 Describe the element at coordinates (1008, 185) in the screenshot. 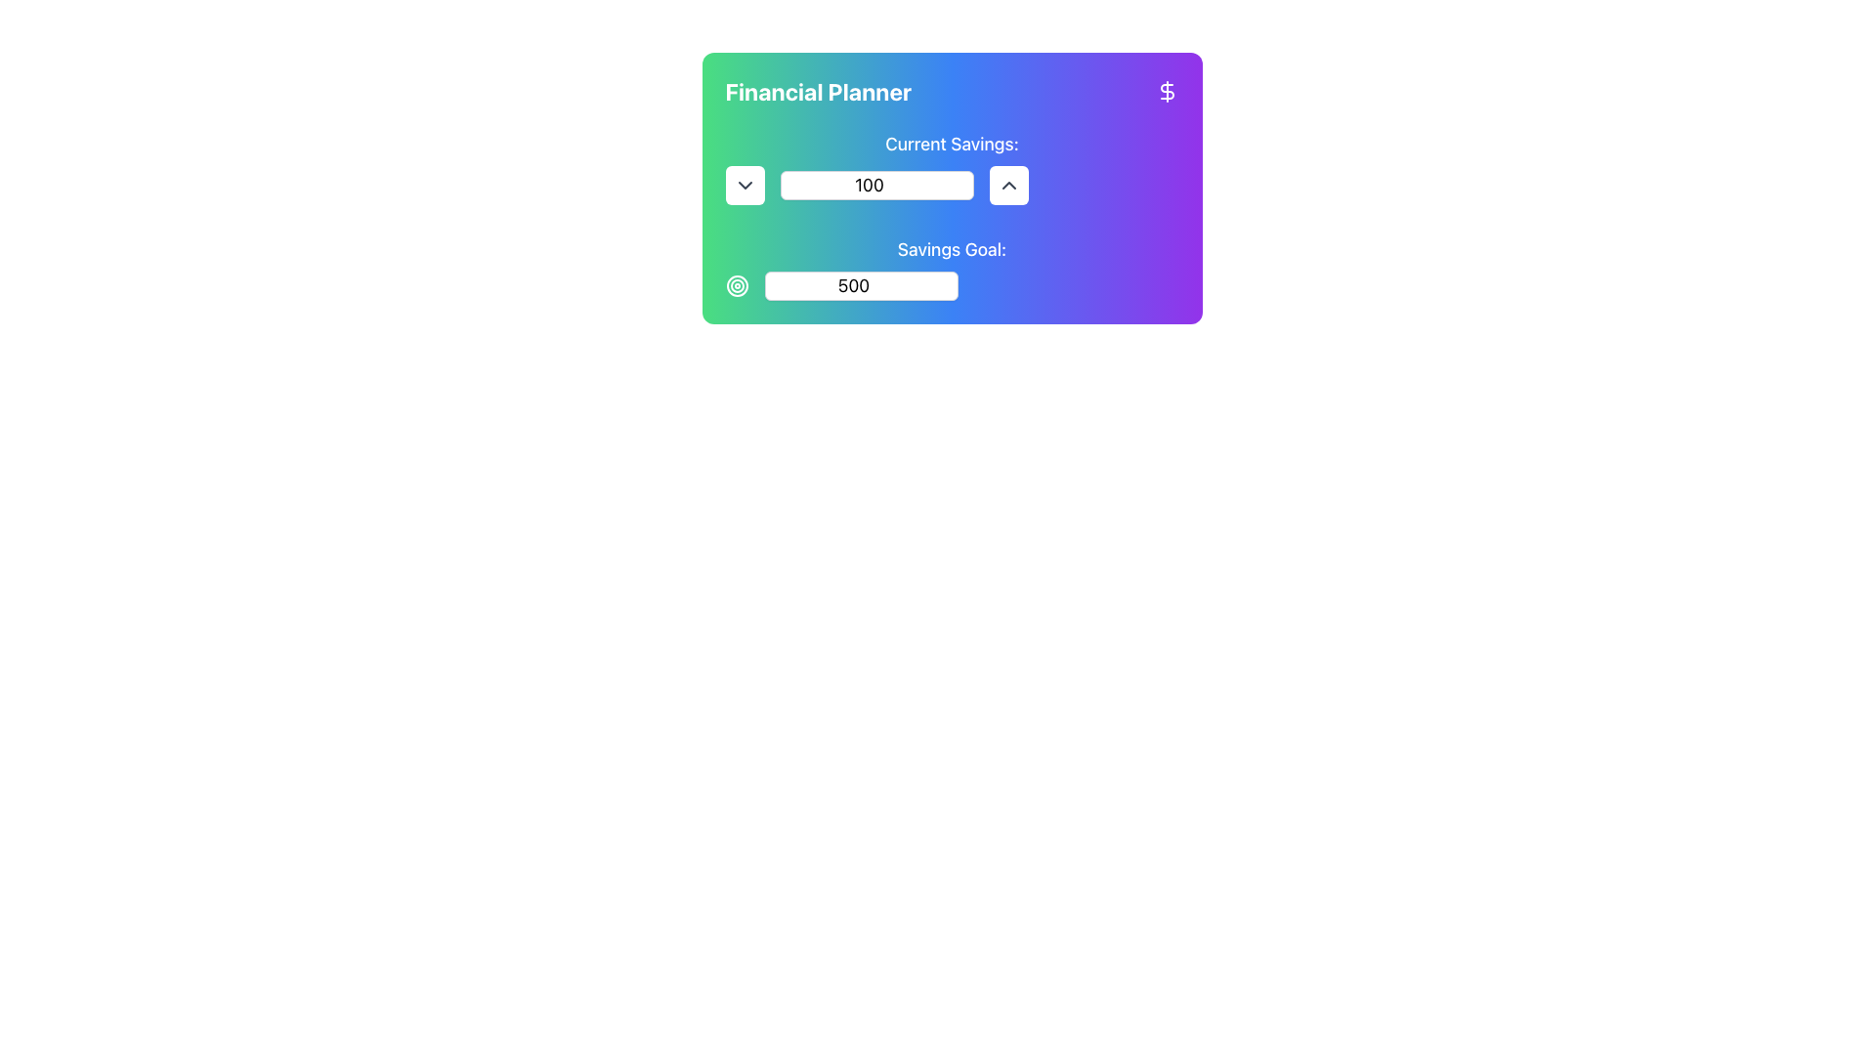

I see `the increment button located to the right of the number input box in the 'Financial Planner' layout to increase the numeric value` at that location.